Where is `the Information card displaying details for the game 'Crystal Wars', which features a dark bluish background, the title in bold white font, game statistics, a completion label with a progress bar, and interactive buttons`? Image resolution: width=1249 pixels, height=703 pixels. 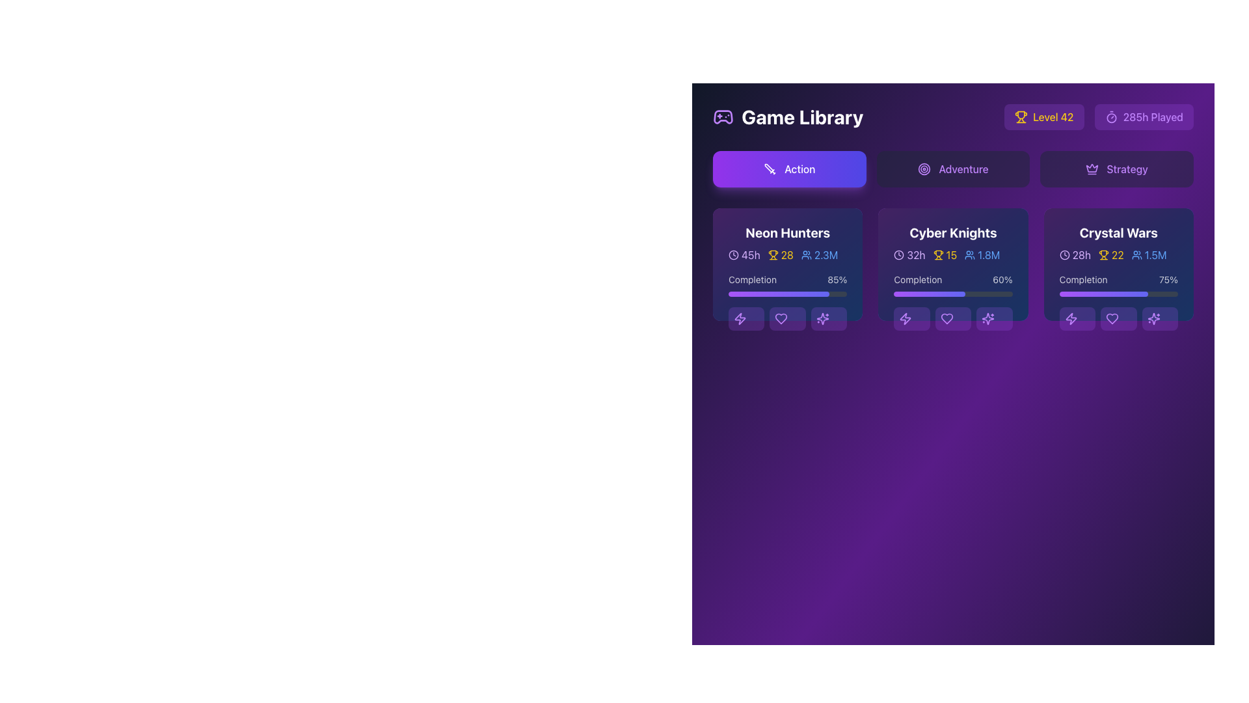 the Information card displaying details for the game 'Crystal Wars', which features a dark bluish background, the title in bold white font, game statistics, a completion label with a progress bar, and interactive buttons is located at coordinates (1118, 264).